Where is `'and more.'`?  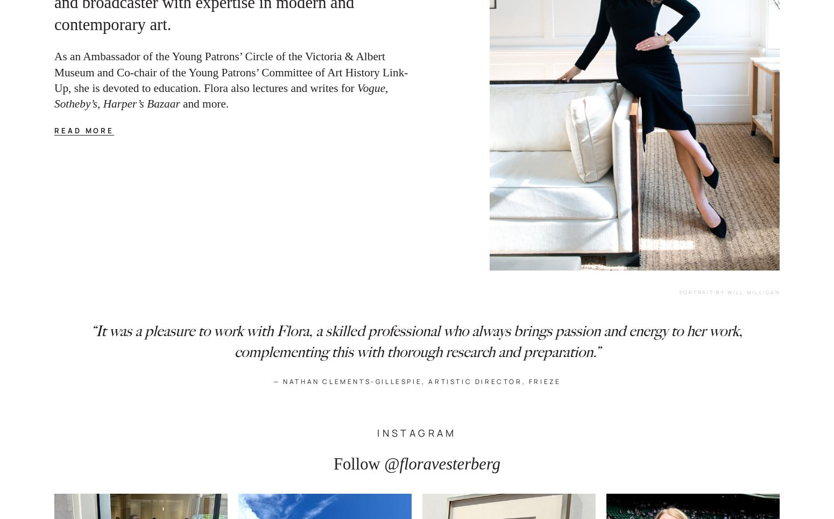 'and more.' is located at coordinates (206, 104).